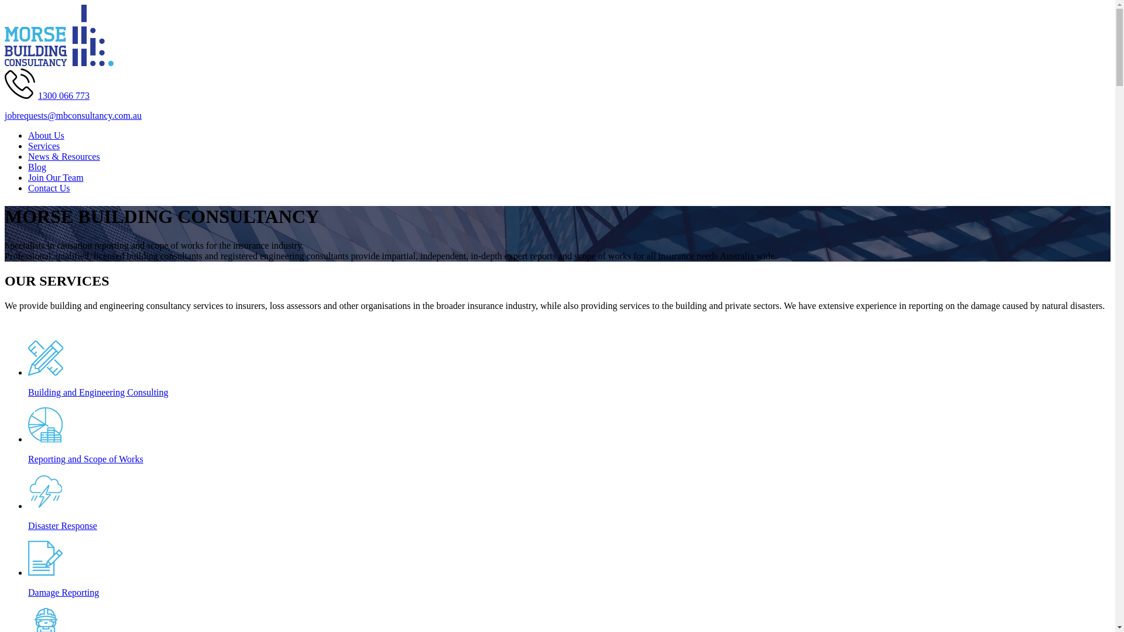  Describe the element at coordinates (569, 448) in the screenshot. I see `'Reporting and Scope of Works'` at that location.